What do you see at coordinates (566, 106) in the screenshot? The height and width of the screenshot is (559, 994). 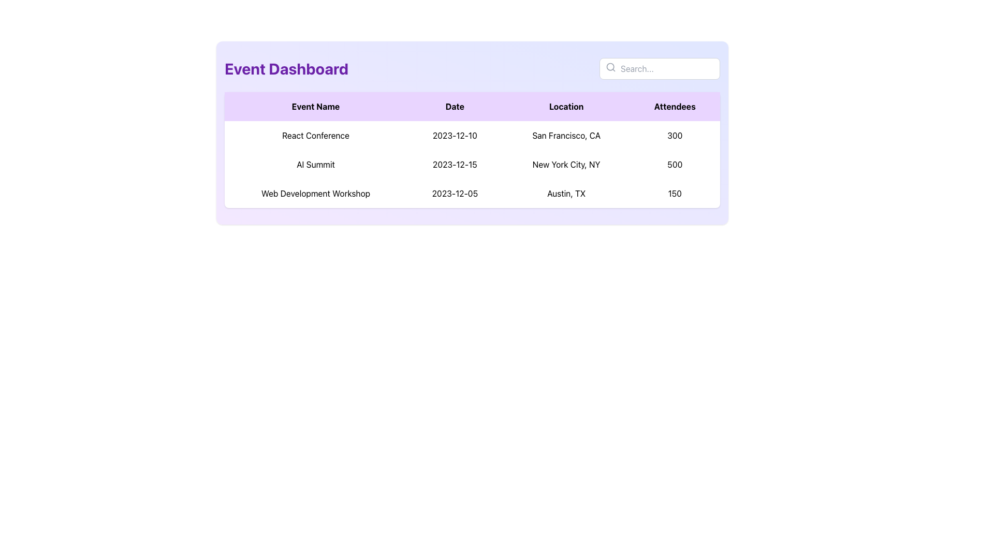 I see `the 'Location' column header in the table, which is the third text label situated between the 'Date' and 'Attendees' labels in the event dashboard area` at bounding box center [566, 106].